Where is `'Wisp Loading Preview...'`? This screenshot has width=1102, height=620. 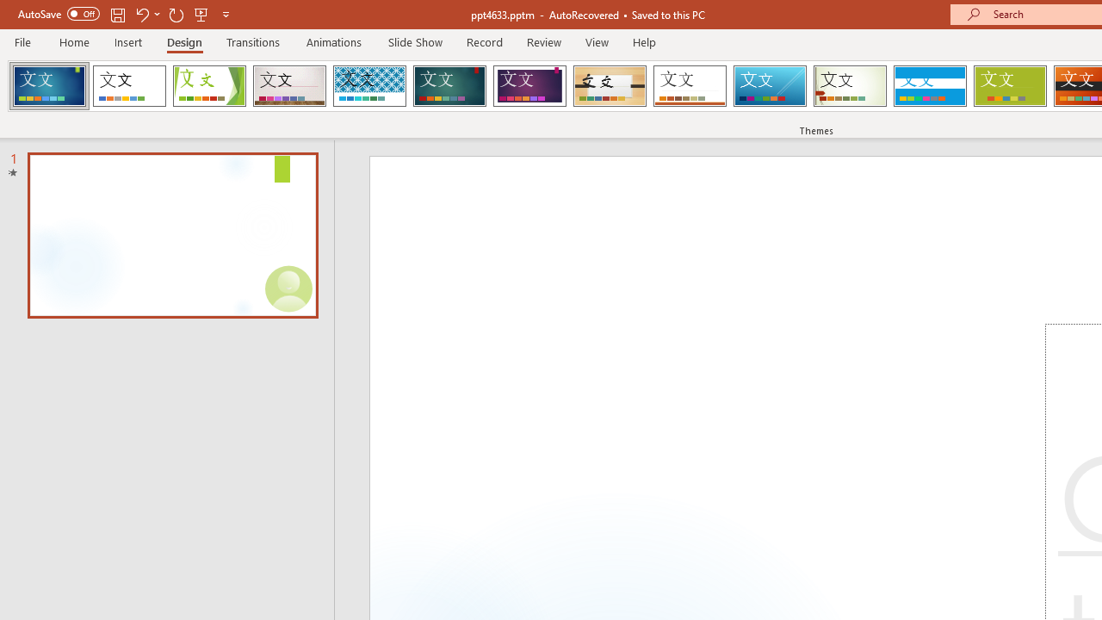
'Wisp Loading Preview...' is located at coordinates (850, 86).